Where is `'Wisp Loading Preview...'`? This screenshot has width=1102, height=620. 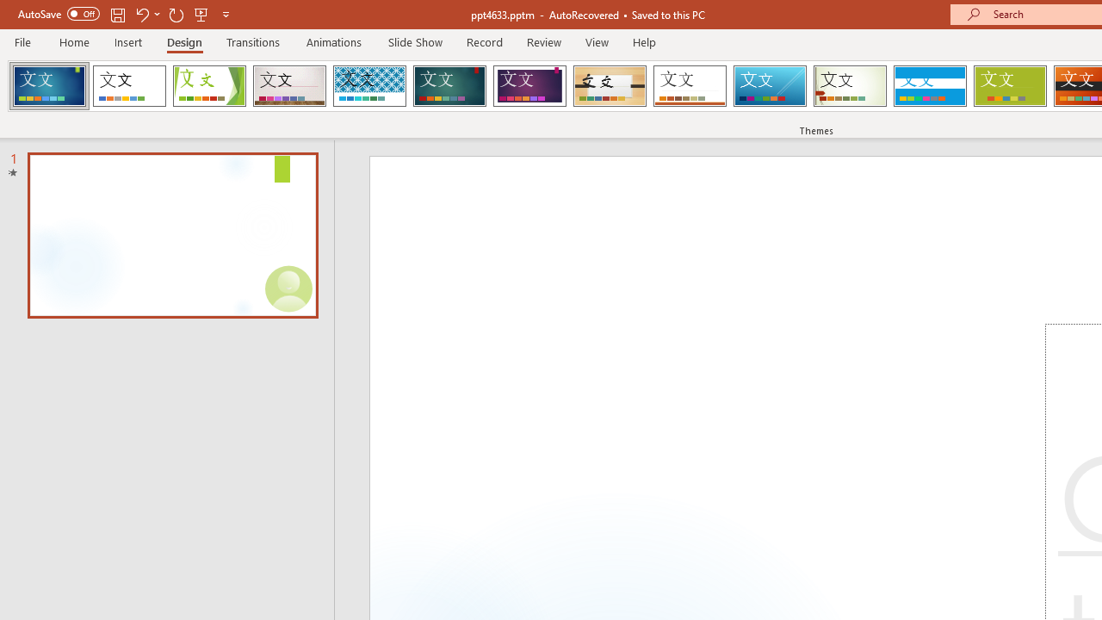
'Wisp Loading Preview...' is located at coordinates (850, 86).